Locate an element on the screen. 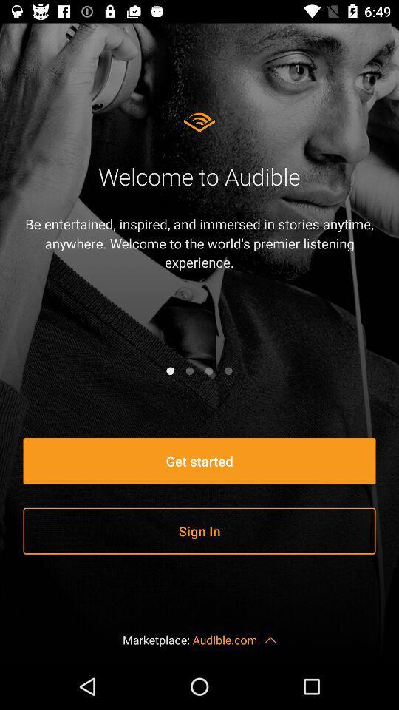 The image size is (399, 710). next is located at coordinates (228, 370).